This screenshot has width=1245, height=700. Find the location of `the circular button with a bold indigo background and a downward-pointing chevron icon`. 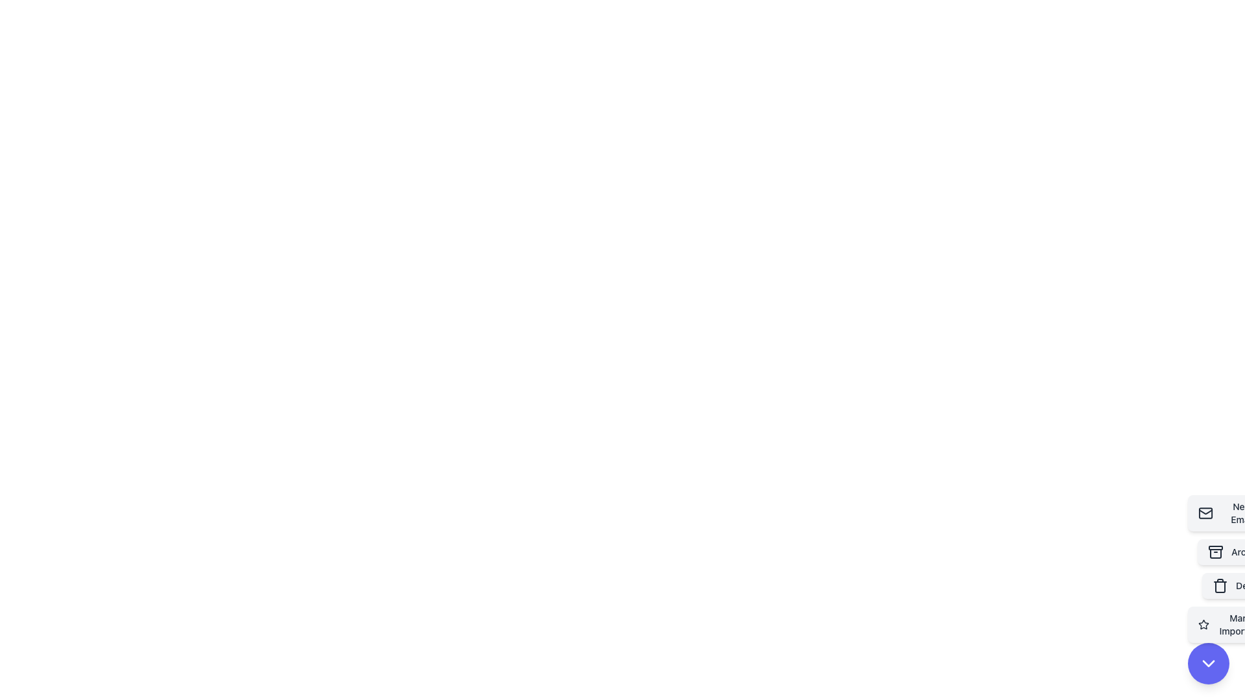

the circular button with a bold indigo background and a downward-pointing chevron icon is located at coordinates (1207, 663).